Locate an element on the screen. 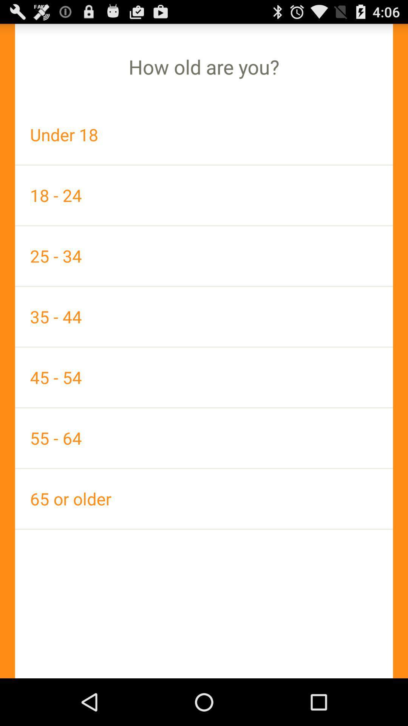 Image resolution: width=408 pixels, height=726 pixels. 18 - 24 app is located at coordinates (204, 195).